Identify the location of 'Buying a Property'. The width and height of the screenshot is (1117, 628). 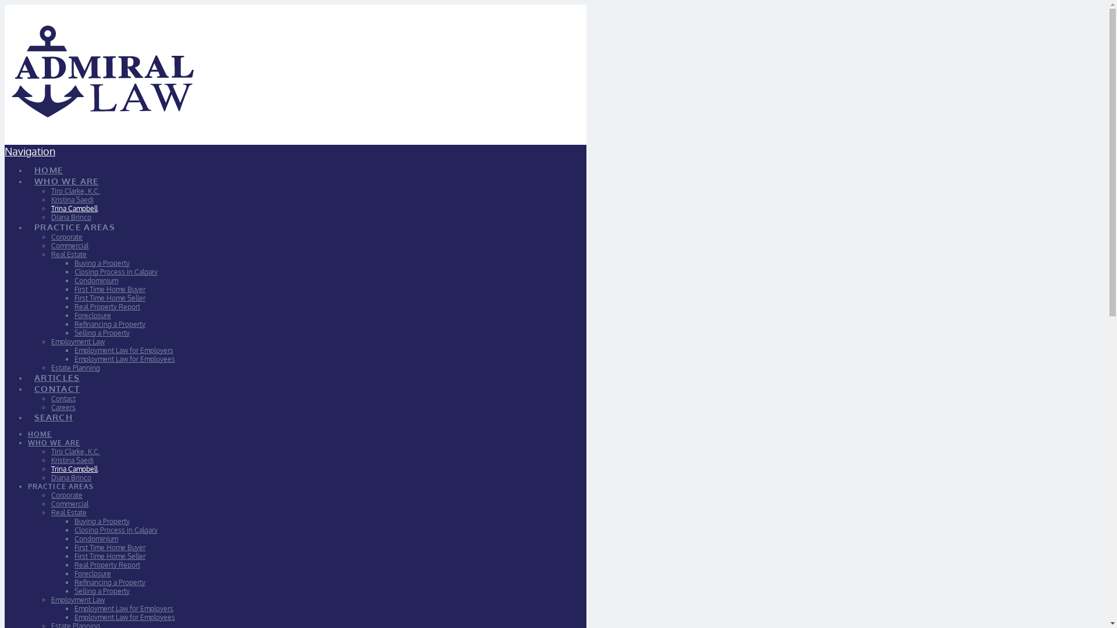
(102, 520).